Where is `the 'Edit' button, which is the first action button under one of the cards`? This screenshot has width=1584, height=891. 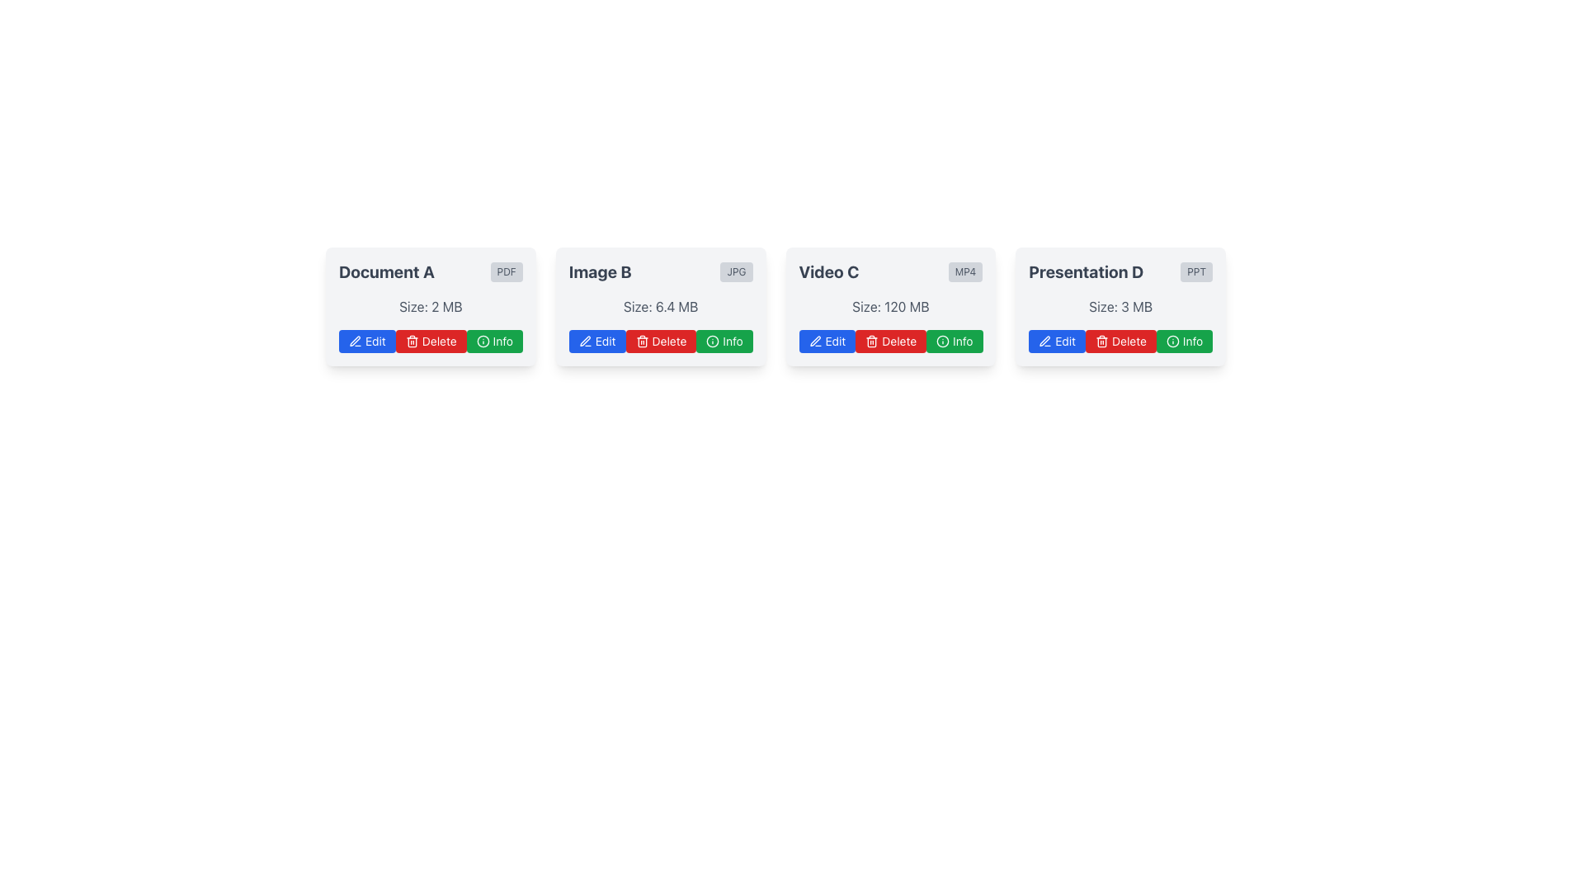
the 'Edit' button, which is the first action button under one of the cards is located at coordinates (1044, 340).